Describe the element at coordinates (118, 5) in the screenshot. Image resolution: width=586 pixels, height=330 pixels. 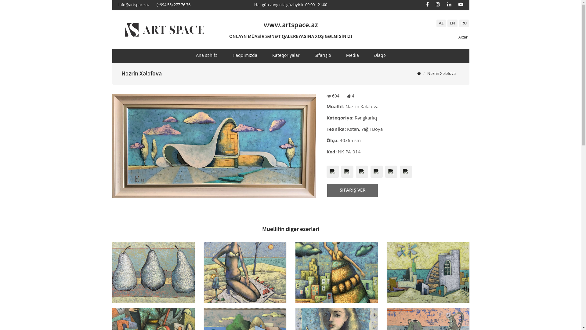
I see `'info@artspace.az'` at that location.